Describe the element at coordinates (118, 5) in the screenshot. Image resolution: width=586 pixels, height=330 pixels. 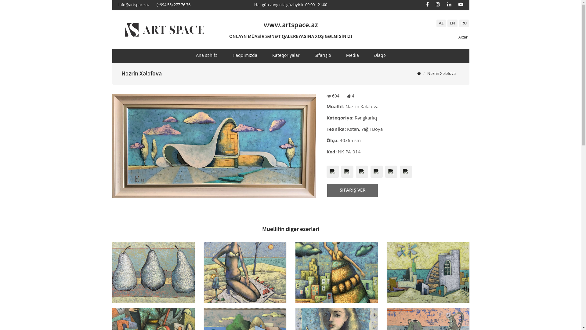
I see `'info@artspace.az'` at that location.